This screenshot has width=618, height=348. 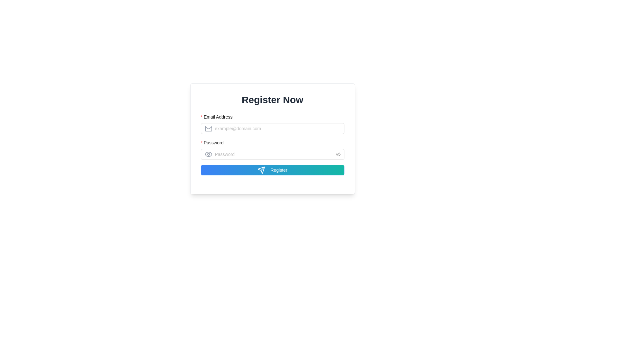 I want to click on the submit button located at the bottom of the registration form, so click(x=272, y=170).